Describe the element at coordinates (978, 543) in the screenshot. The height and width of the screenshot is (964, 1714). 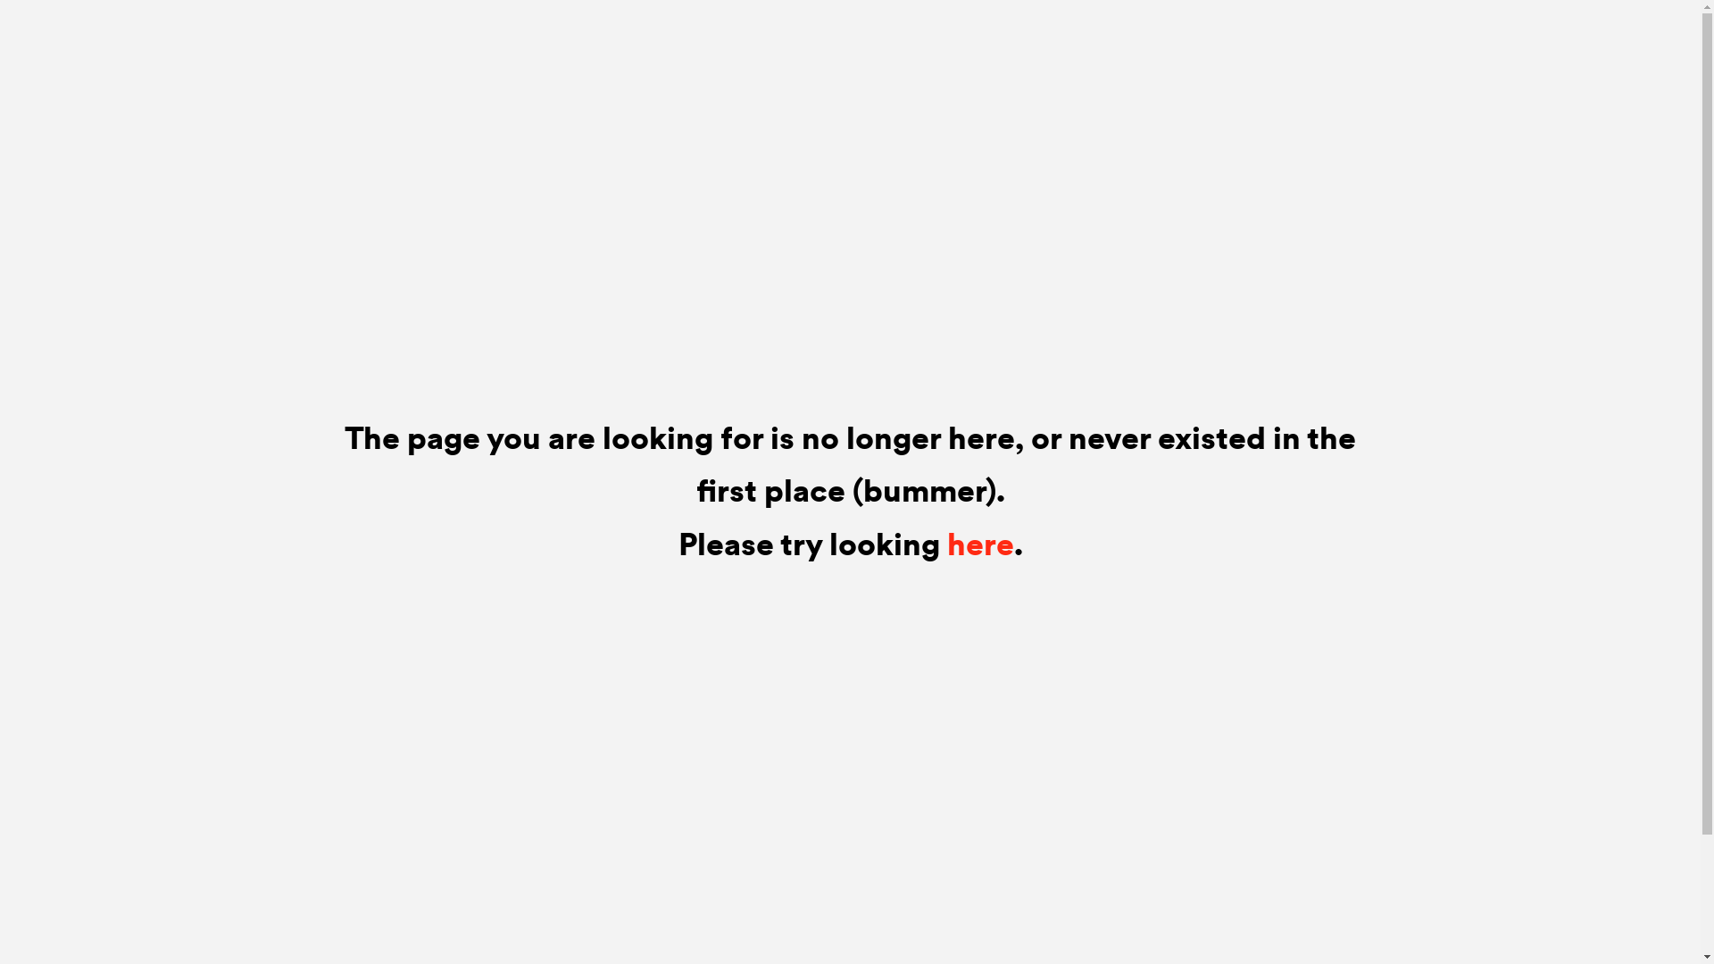
I see `'here'` at that location.